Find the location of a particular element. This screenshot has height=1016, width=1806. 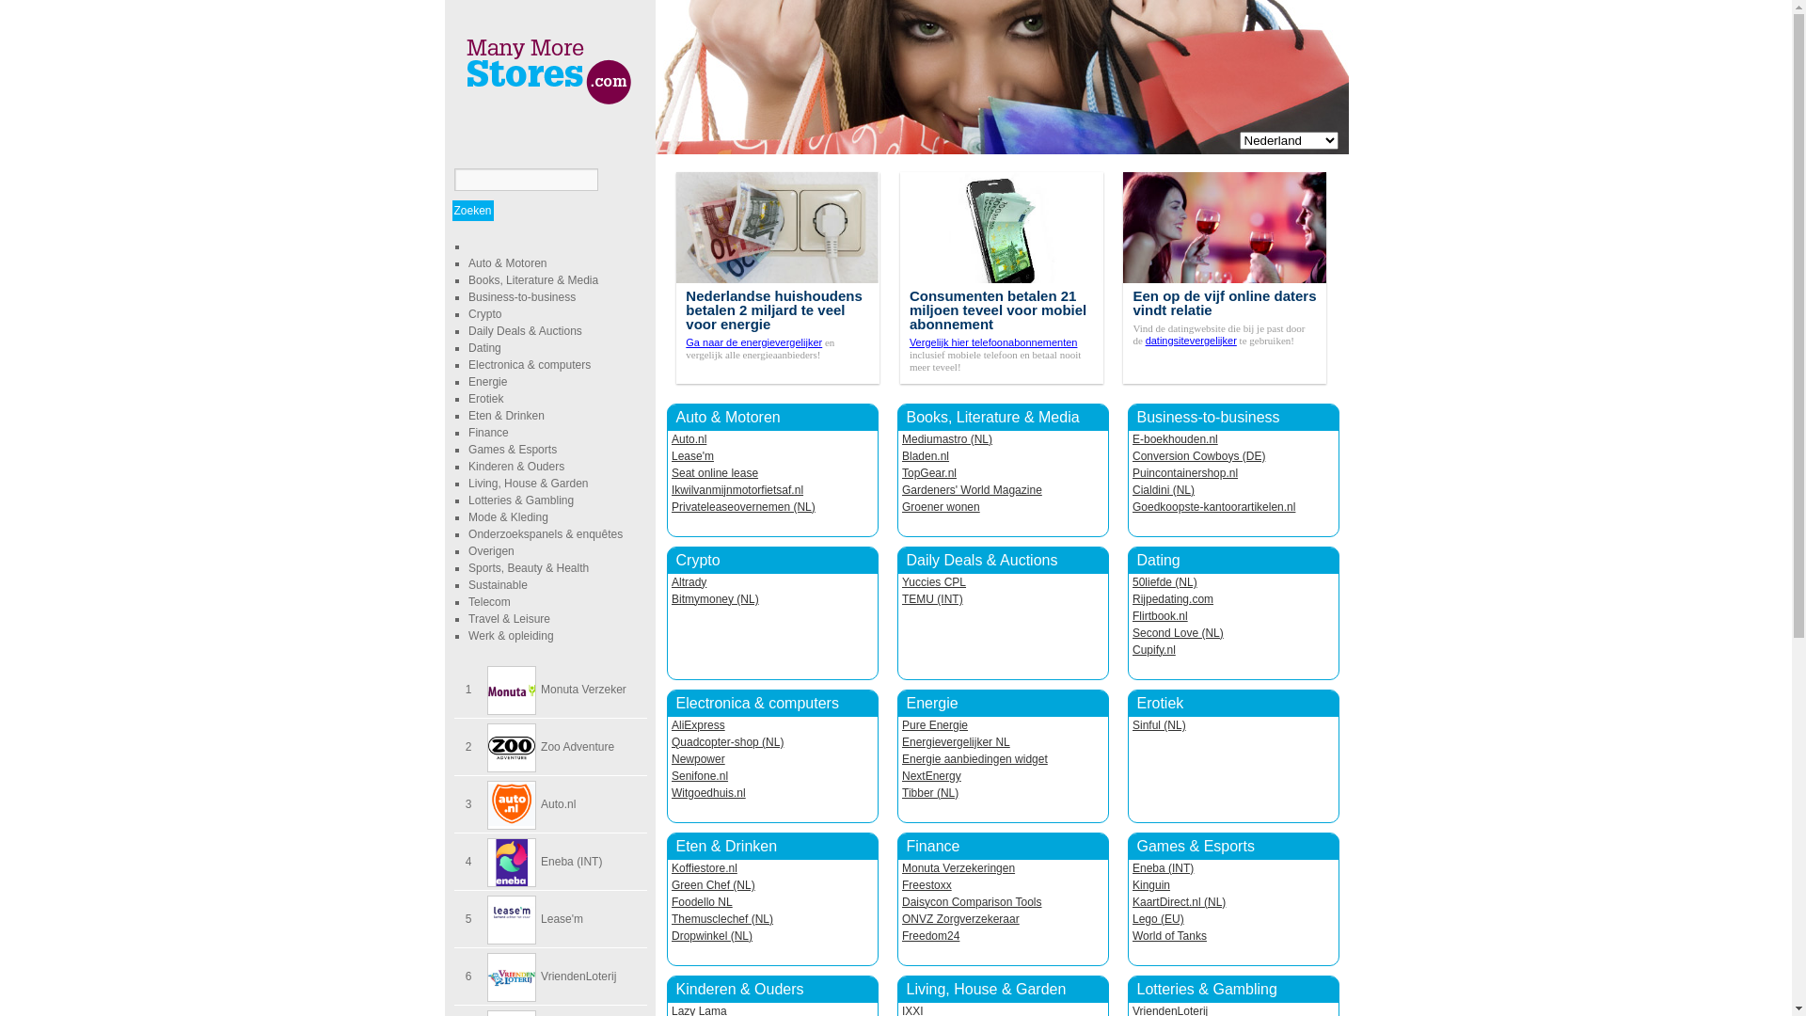

'Books, Literature & Media' is located at coordinates (531, 279).